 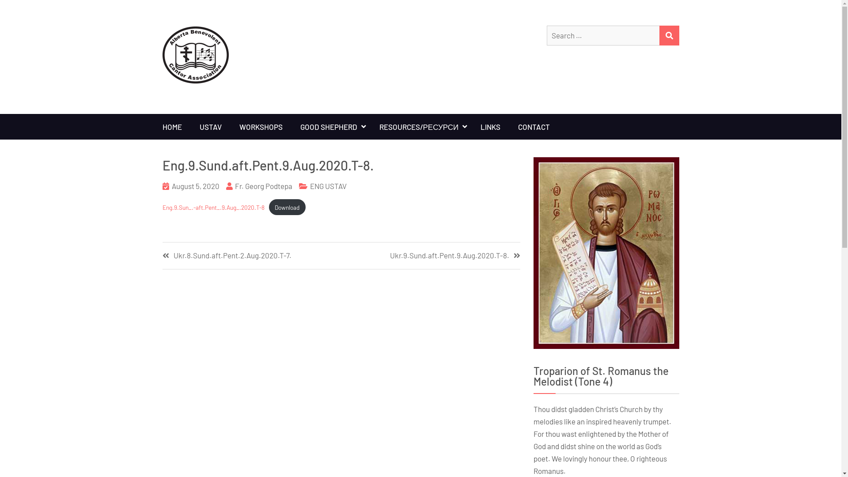 I want to click on 'Eng.9.Sun_.-aft.Pent_.9.Aug_.2020.T-8', so click(x=213, y=207).